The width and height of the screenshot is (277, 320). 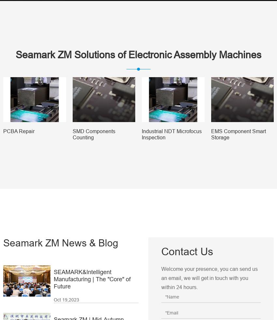 What do you see at coordinates (92, 279) in the screenshot?
I see `'SEAMARK&Intelligent Manufacturing | The "Core" of Future'` at bounding box center [92, 279].